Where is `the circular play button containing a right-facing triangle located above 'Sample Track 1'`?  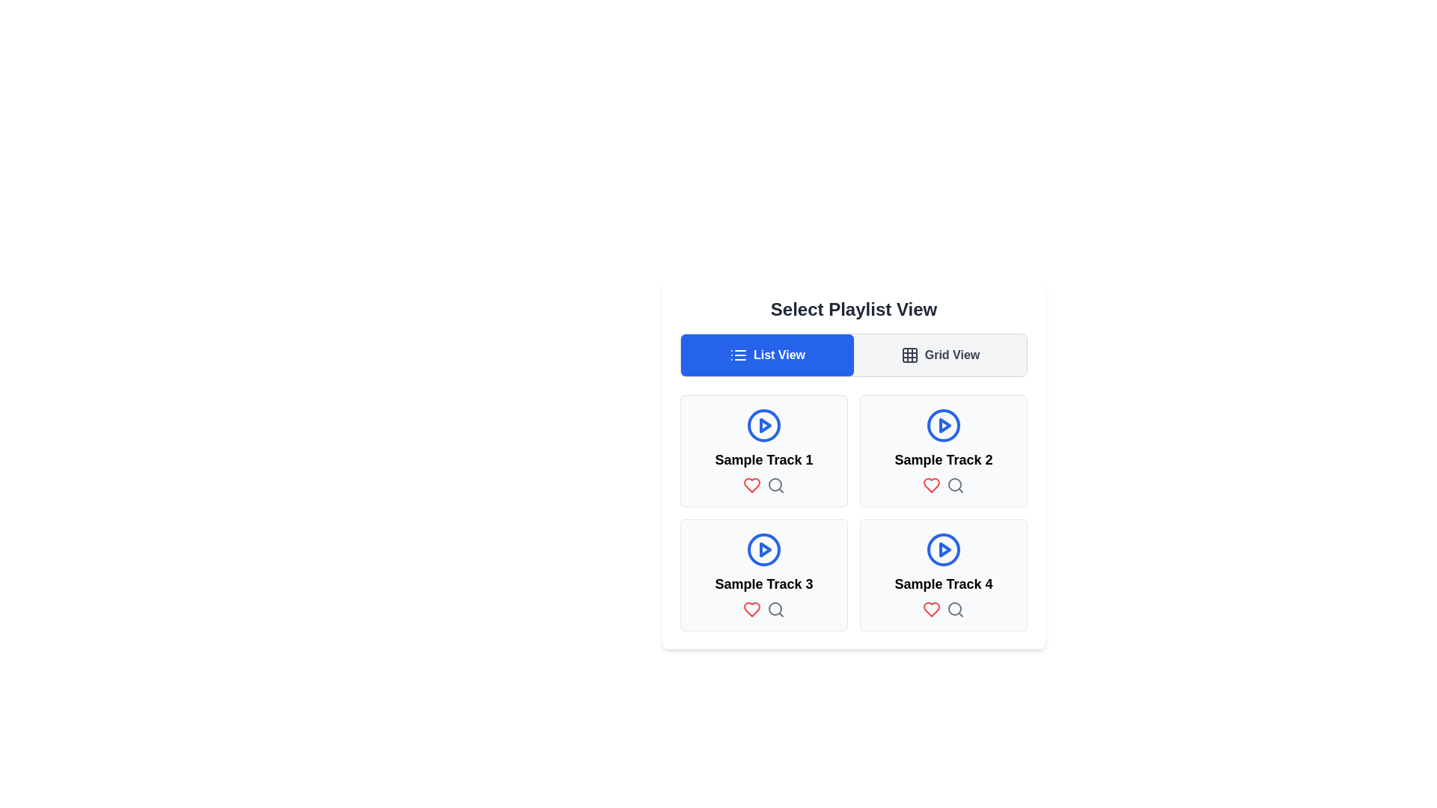 the circular play button containing a right-facing triangle located above 'Sample Track 1' is located at coordinates (764, 426).